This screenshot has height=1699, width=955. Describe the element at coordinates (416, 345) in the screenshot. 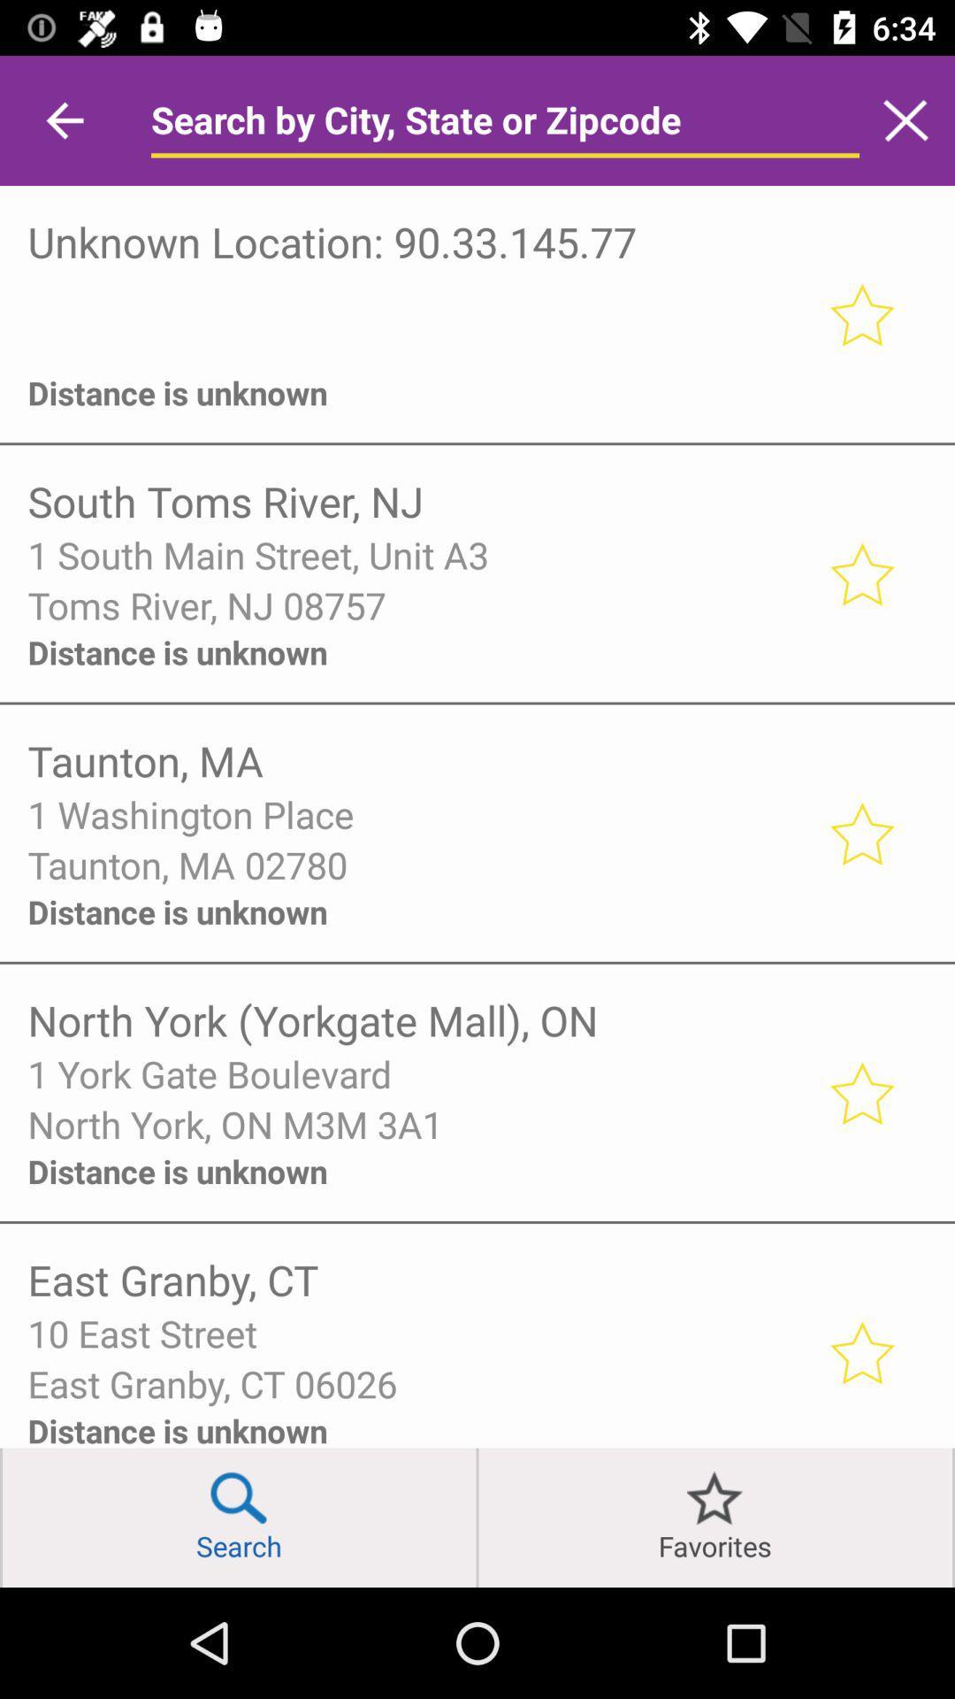

I see `the   icon` at that location.